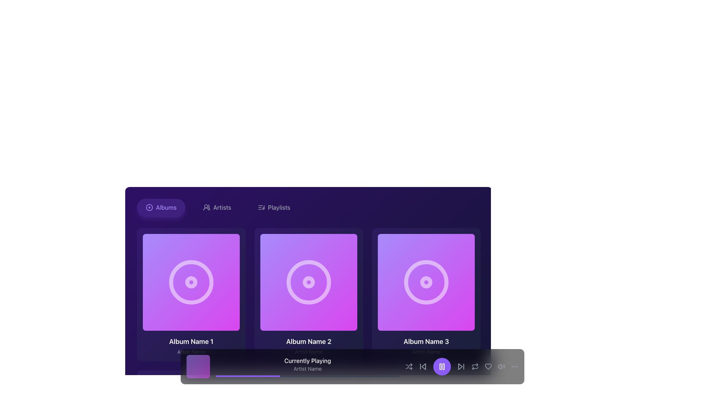 The image size is (705, 396). What do you see at coordinates (361, 376) in the screenshot?
I see `the slider` at bounding box center [361, 376].